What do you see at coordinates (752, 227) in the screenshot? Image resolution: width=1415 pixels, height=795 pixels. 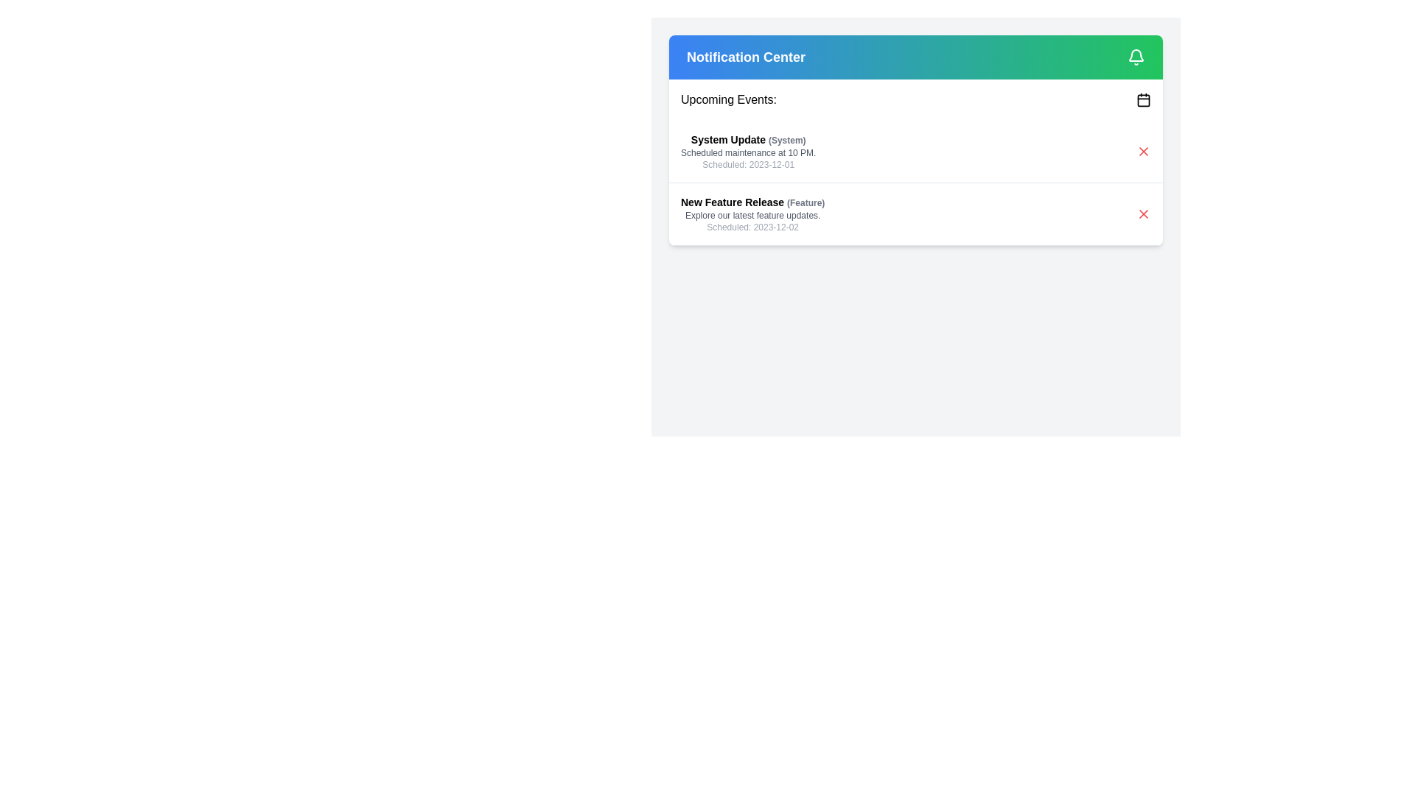 I see `the static text that displays the scheduled date of an event, located below the description text 'Explore our latest feature updates.' in the notification panel` at bounding box center [752, 227].